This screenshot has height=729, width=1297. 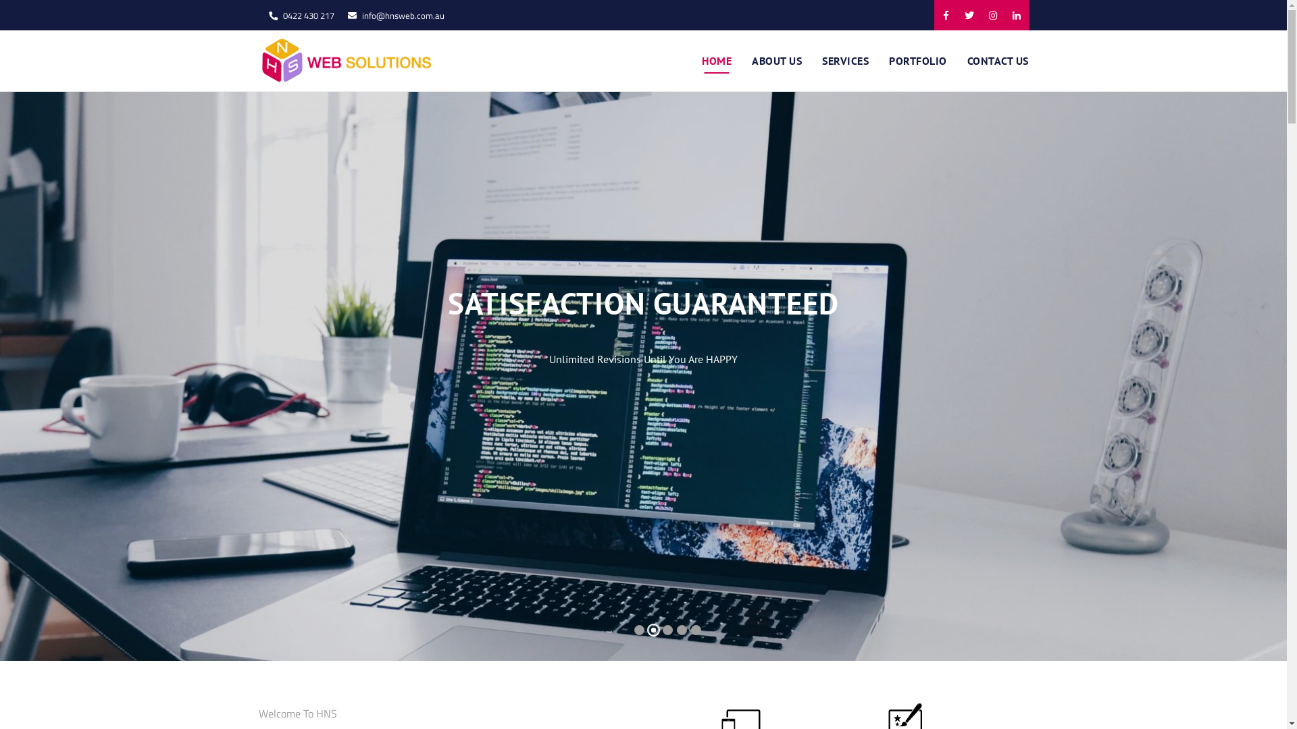 What do you see at coordinates (307, 16) in the screenshot?
I see `'0422 430 217'` at bounding box center [307, 16].